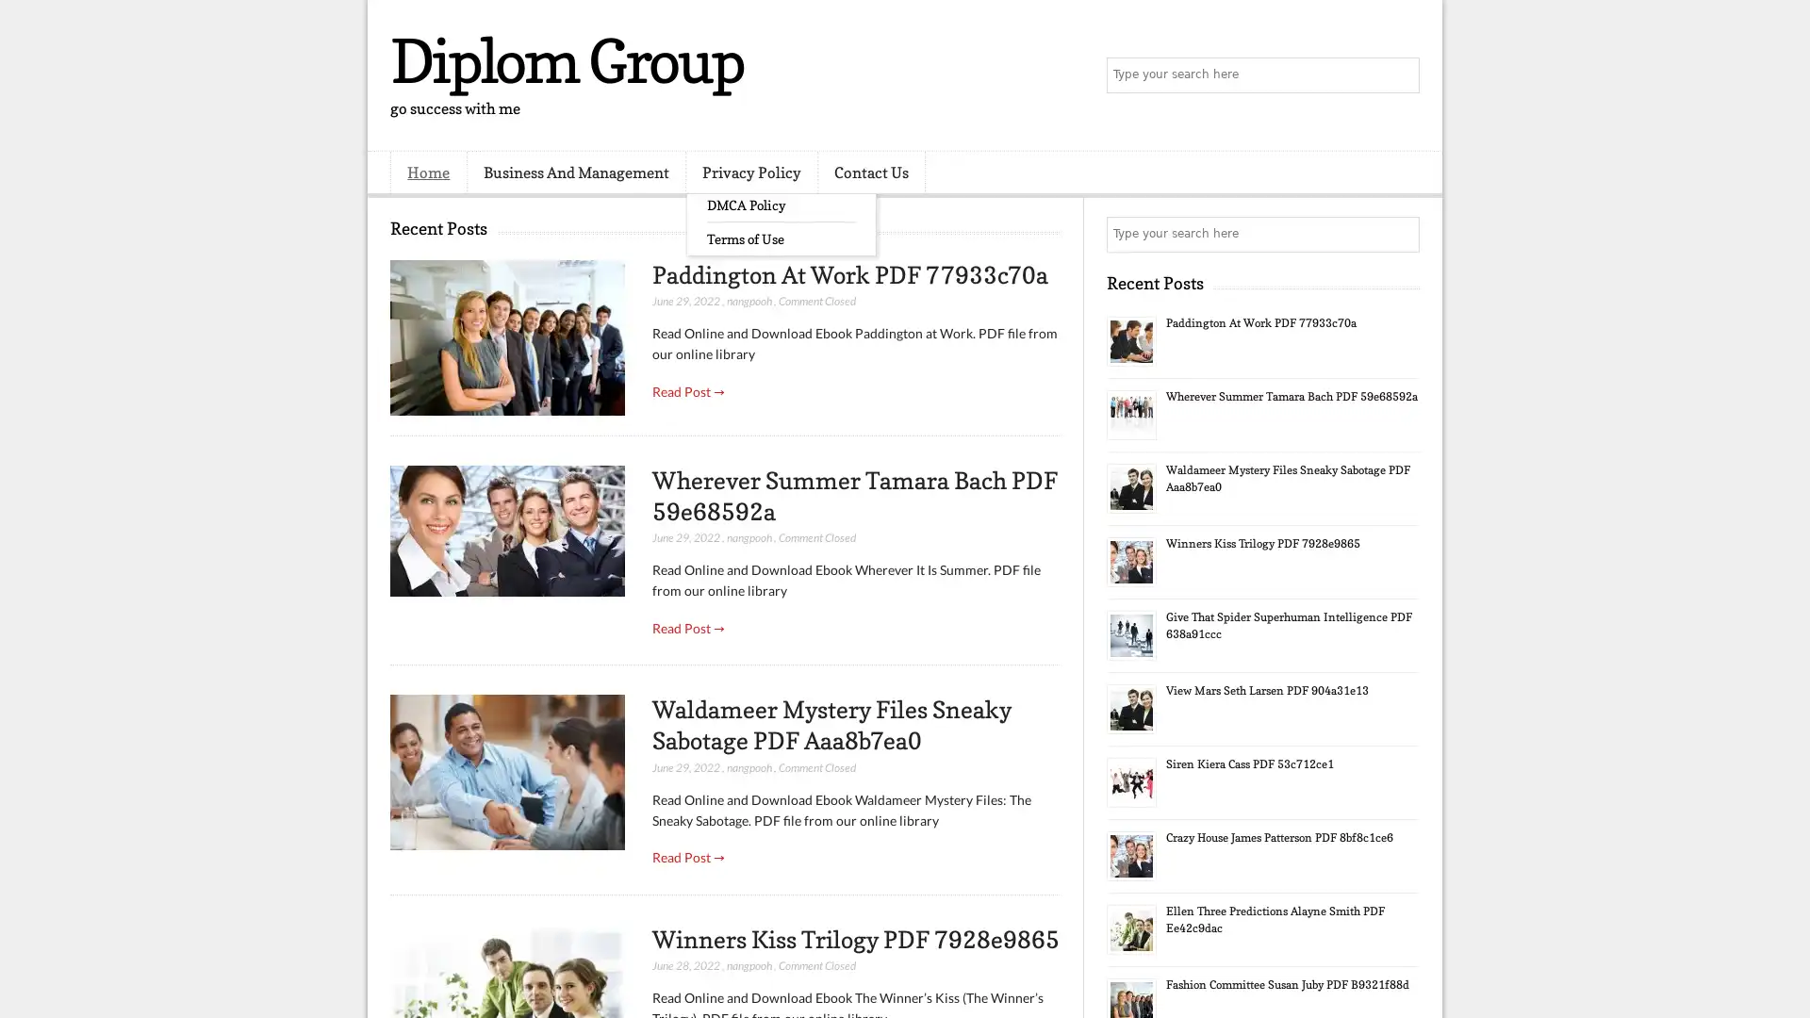  Describe the element at coordinates (1400, 234) in the screenshot. I see `Search` at that location.